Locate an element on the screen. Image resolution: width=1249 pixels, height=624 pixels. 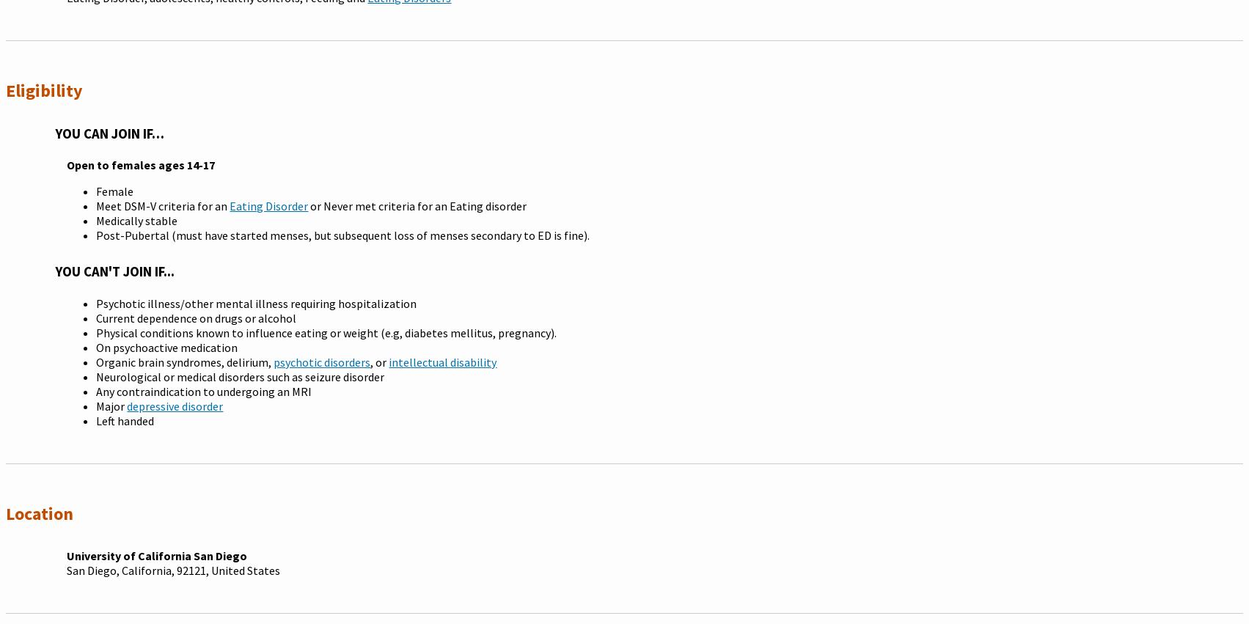
'Current dependence on drugs or alcohol' is located at coordinates (195, 318).